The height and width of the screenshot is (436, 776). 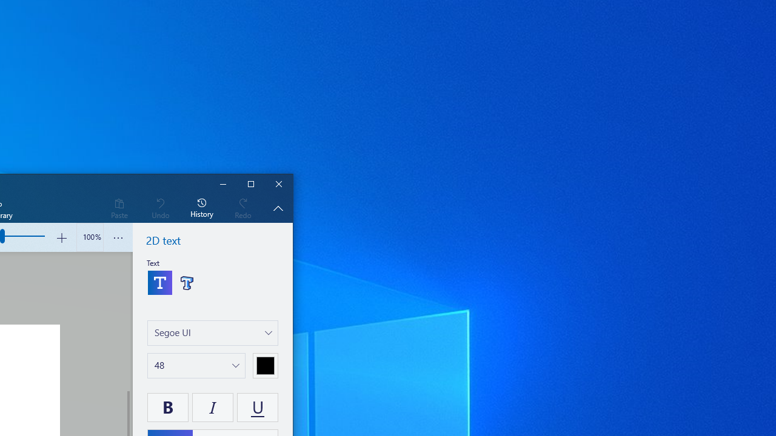 I want to click on 'Zoom slider', so click(x=89, y=237).